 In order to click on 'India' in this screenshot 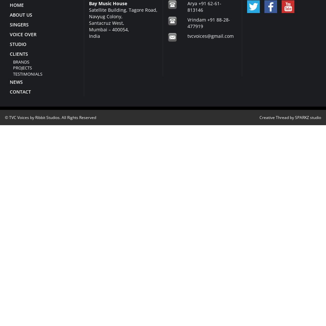, I will do `click(89, 35)`.